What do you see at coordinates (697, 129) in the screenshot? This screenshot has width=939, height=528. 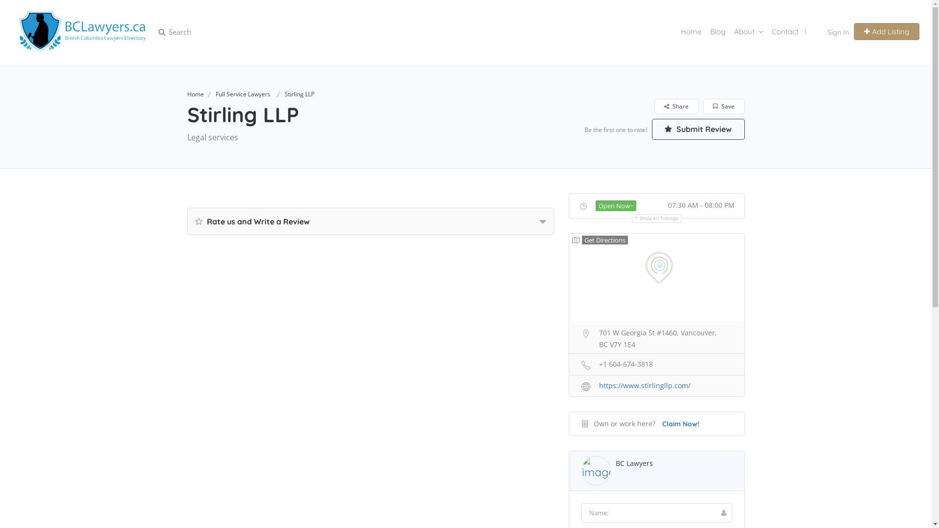 I see `'Submit Review'` at bounding box center [697, 129].